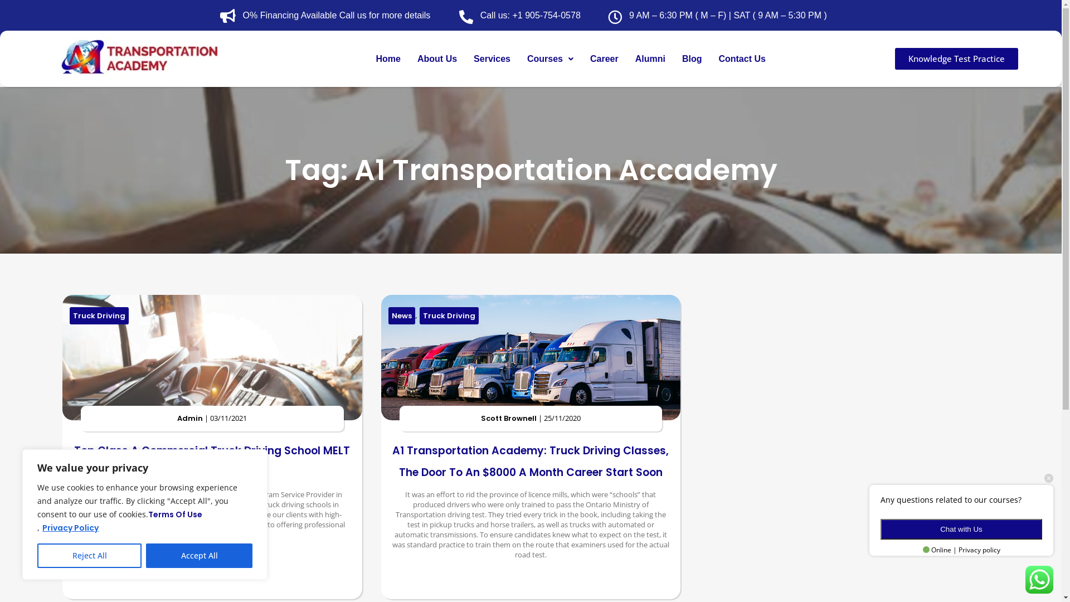 The width and height of the screenshot is (1070, 602). Describe the element at coordinates (960, 528) in the screenshot. I see `'Chat with Us'` at that location.